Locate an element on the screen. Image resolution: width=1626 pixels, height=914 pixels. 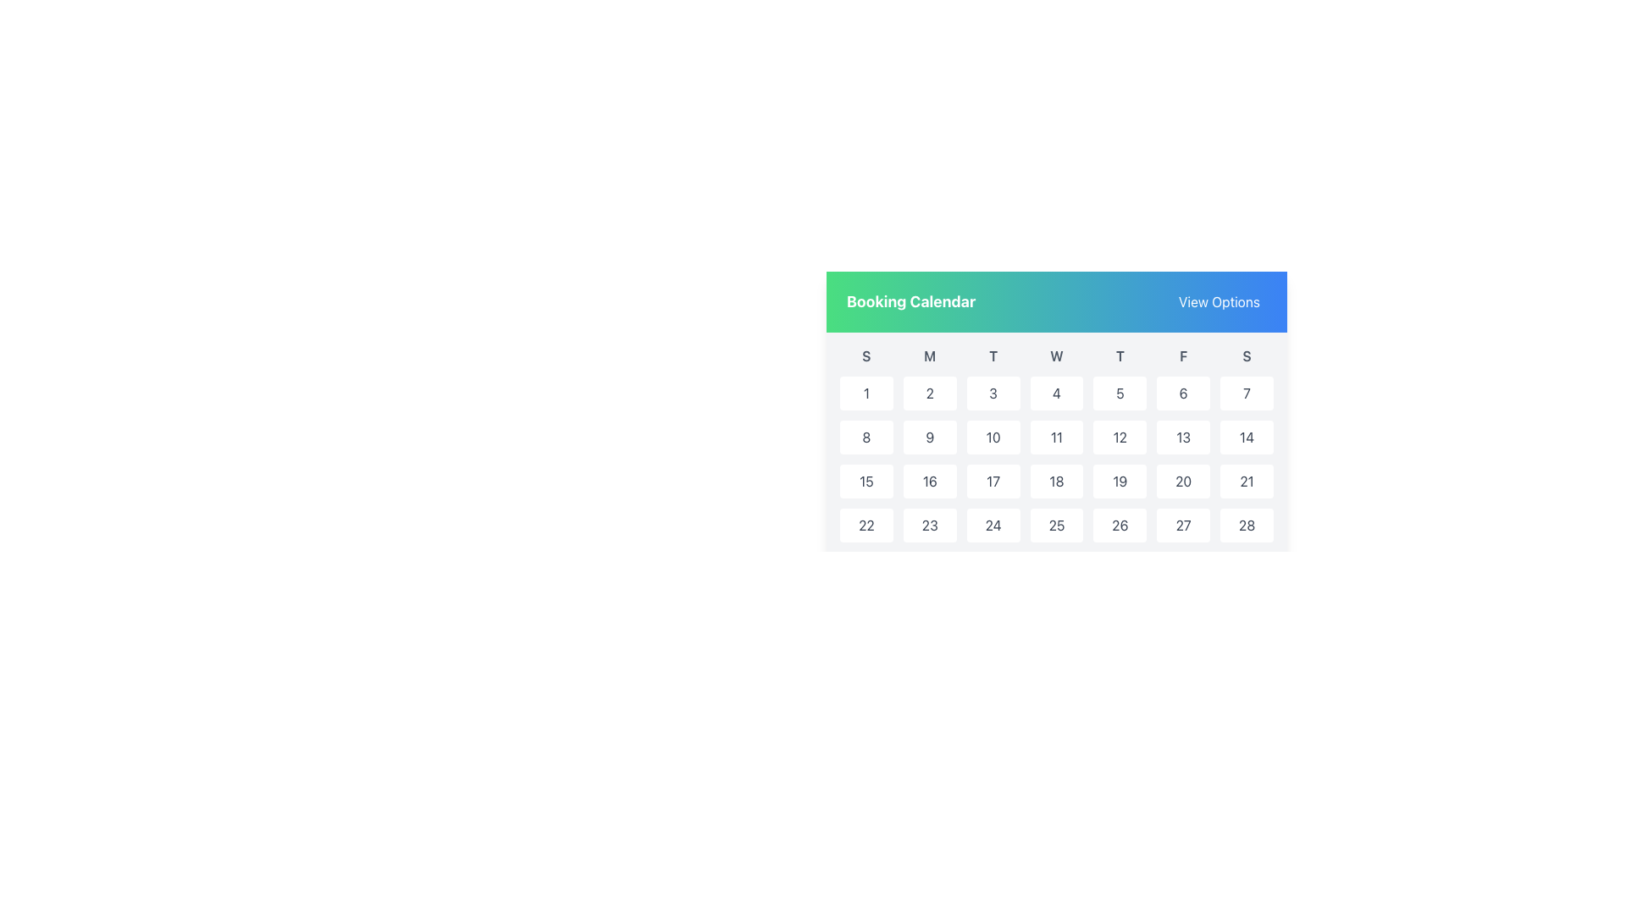
the text-based day cell representing the 25th day in the calendar grid is located at coordinates (1056, 525).